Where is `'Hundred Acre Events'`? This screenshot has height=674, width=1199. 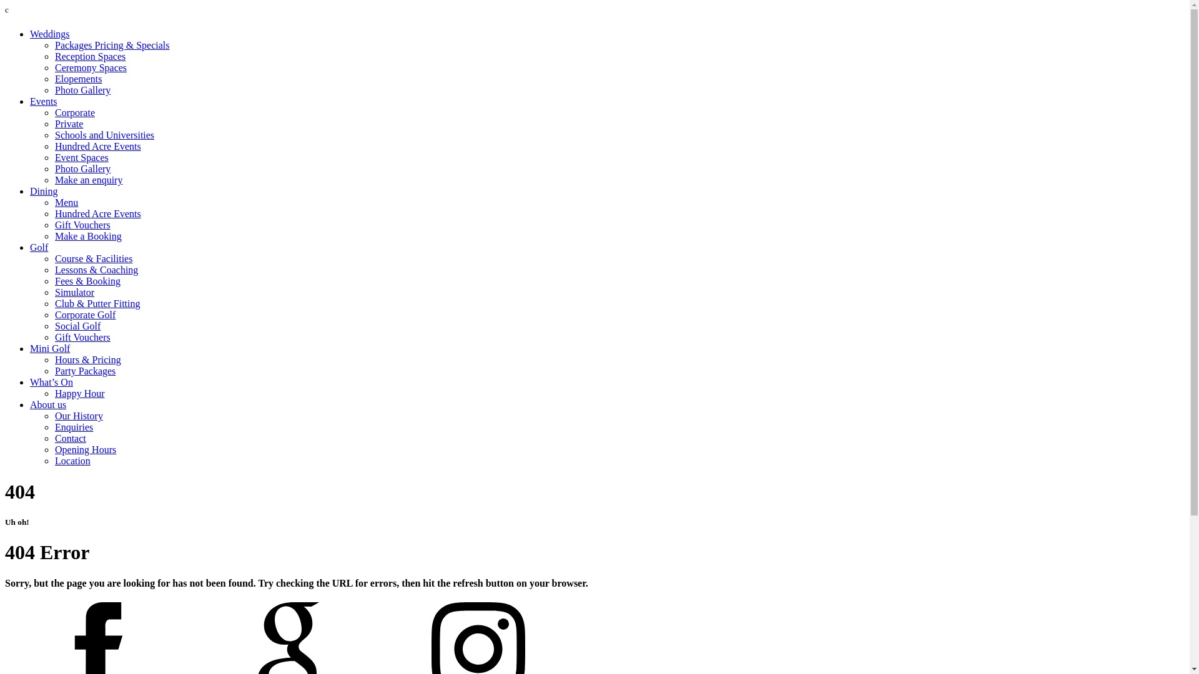 'Hundred Acre Events' is located at coordinates (54, 145).